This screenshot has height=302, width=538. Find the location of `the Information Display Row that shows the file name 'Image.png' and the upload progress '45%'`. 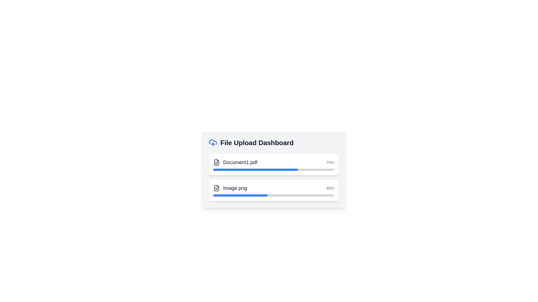

the Information Display Row that shows the file name 'Image.png' and the upload progress '45%' is located at coordinates (273, 188).